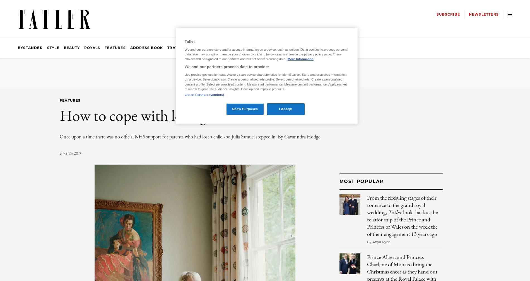  What do you see at coordinates (387, 212) in the screenshot?
I see `'Tatler'` at bounding box center [387, 212].